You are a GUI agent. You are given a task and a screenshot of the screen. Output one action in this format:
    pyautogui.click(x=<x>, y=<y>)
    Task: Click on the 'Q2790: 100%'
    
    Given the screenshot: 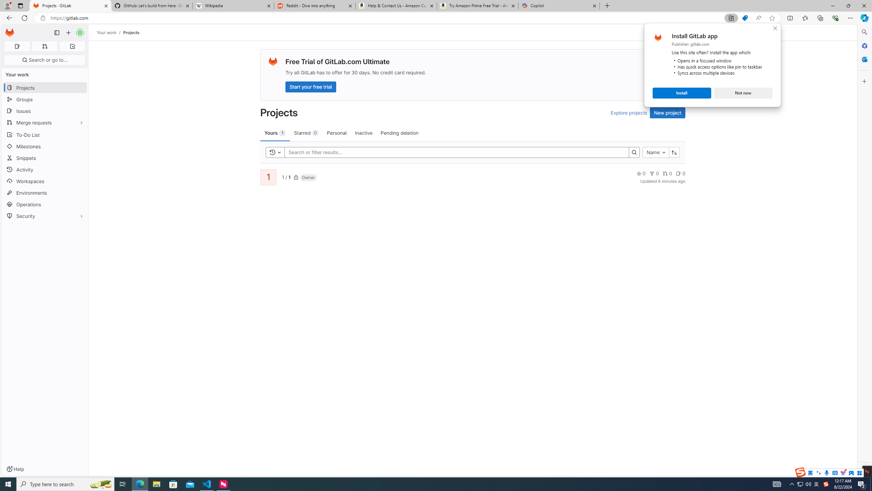 What is the action you would take?
    pyautogui.click(x=808, y=483)
    